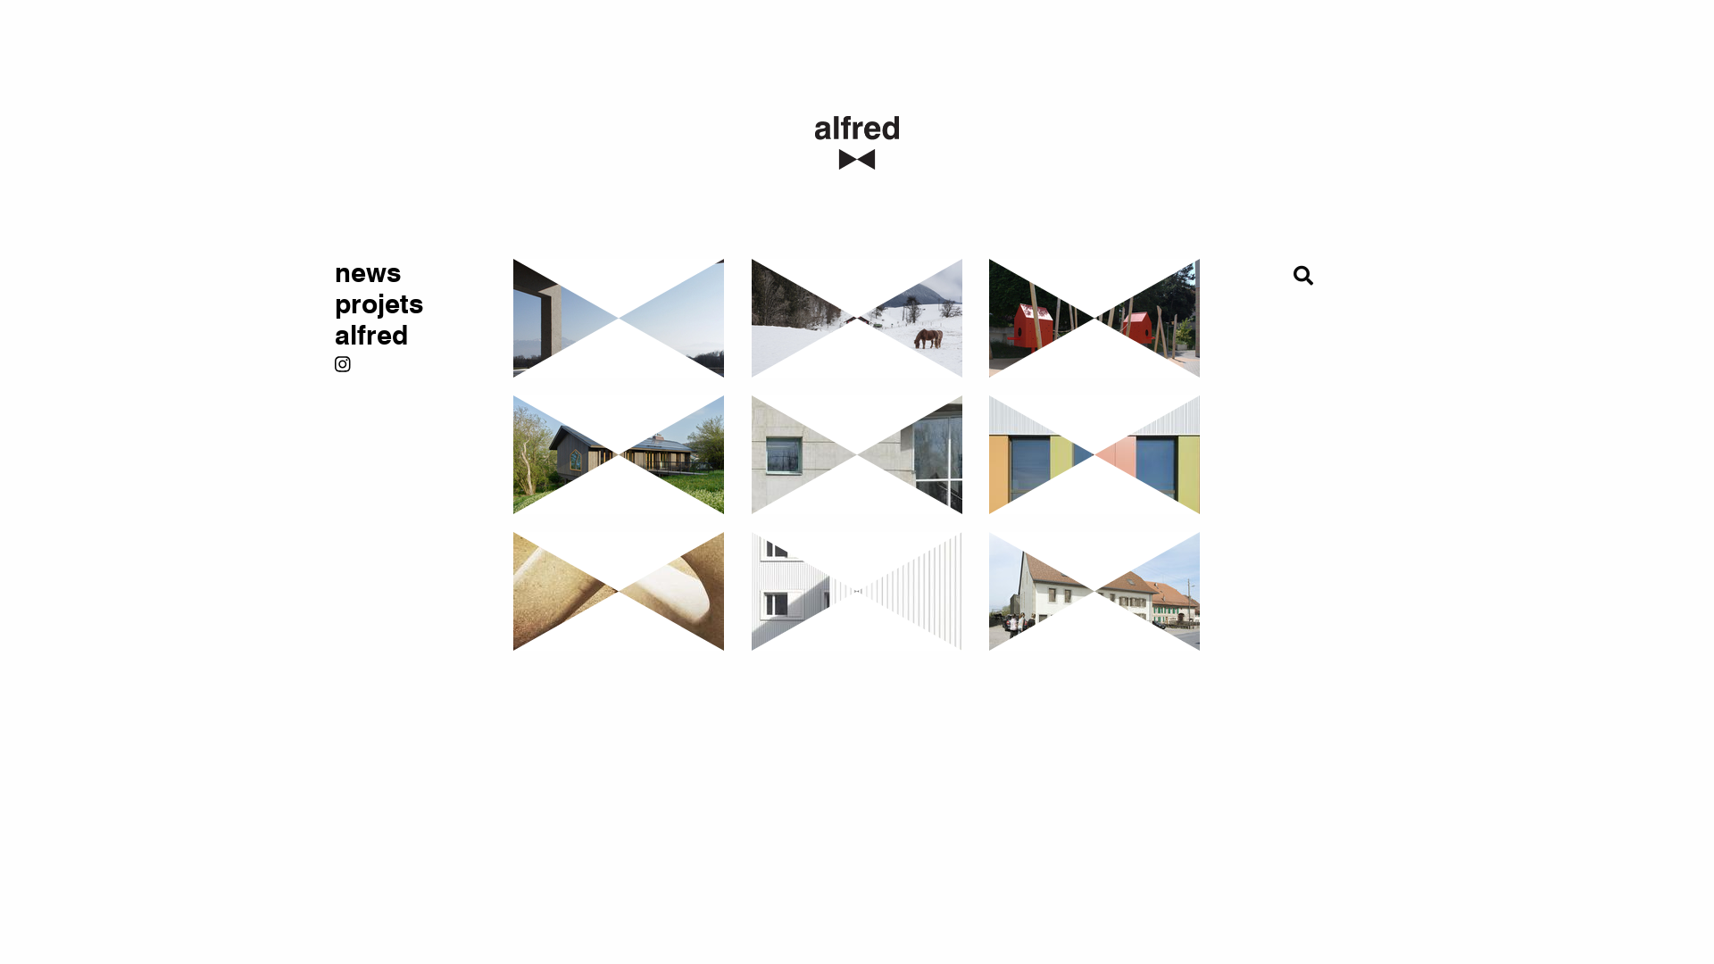 This screenshot has width=1714, height=964. What do you see at coordinates (334, 274) in the screenshot?
I see `'news'` at bounding box center [334, 274].